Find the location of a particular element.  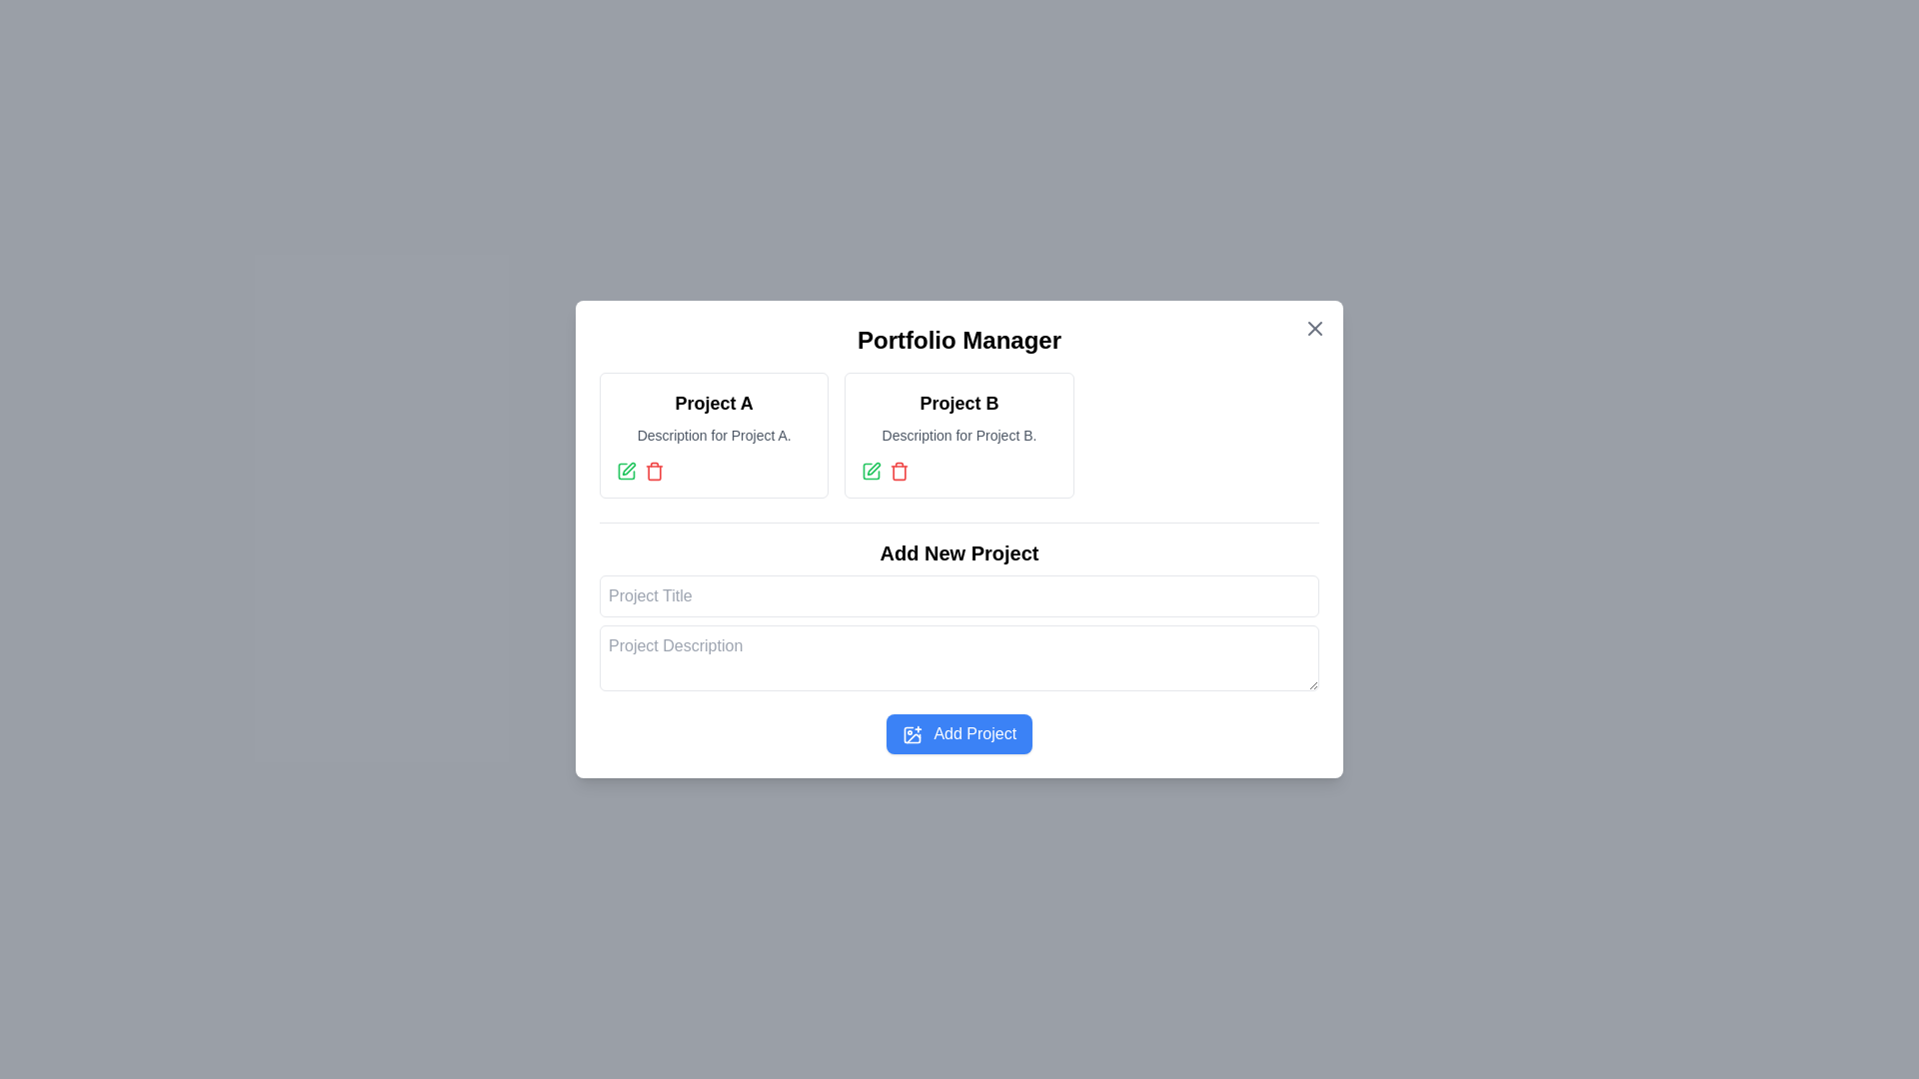

title and description of the project card located at the top center of the 'Portfolio Manager' modal, which is the second card in the grid layout is located at coordinates (959, 434).